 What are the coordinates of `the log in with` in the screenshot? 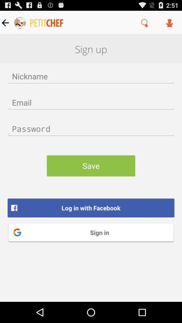 It's located at (91, 208).